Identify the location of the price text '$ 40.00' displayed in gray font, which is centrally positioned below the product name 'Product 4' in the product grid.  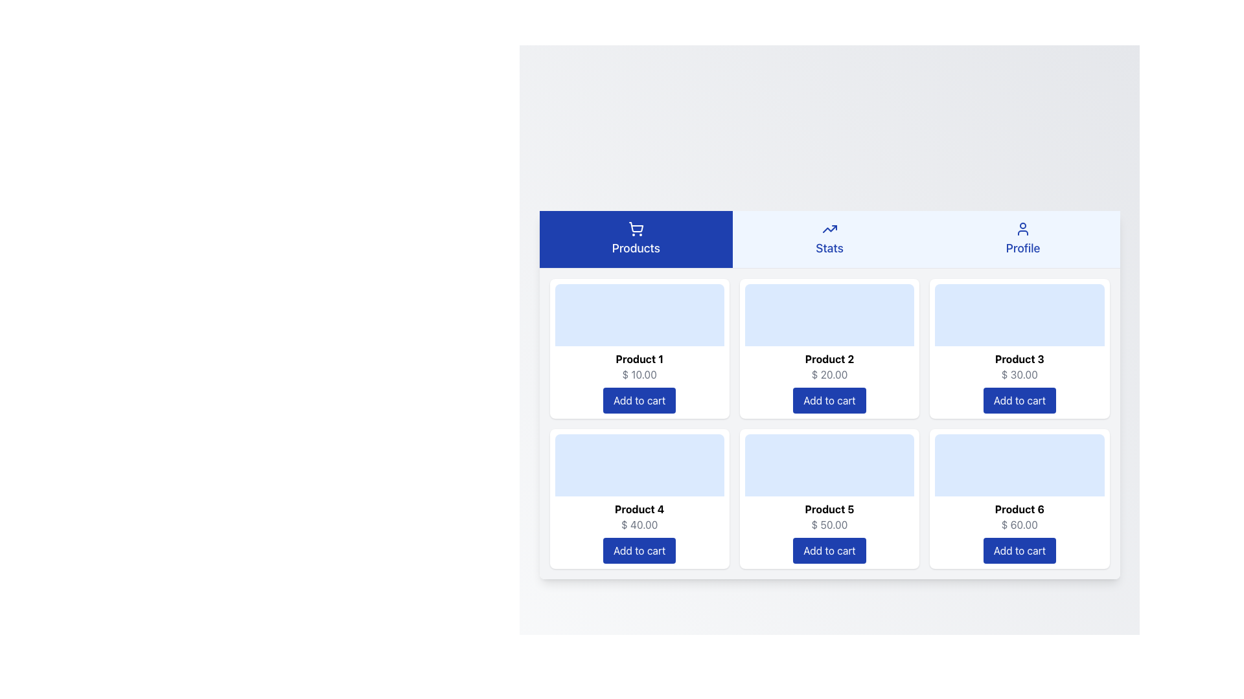
(639, 524).